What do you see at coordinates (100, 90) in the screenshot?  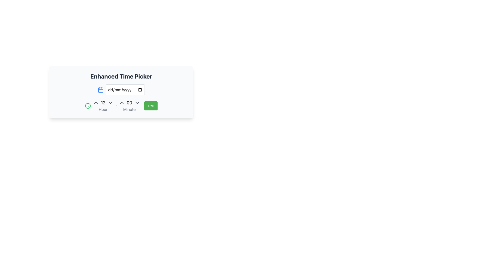 I see `the calendar icon located immediately to the left of the 'dd/mm/yyyy' text field, which signifies a date-picker functionality` at bounding box center [100, 90].